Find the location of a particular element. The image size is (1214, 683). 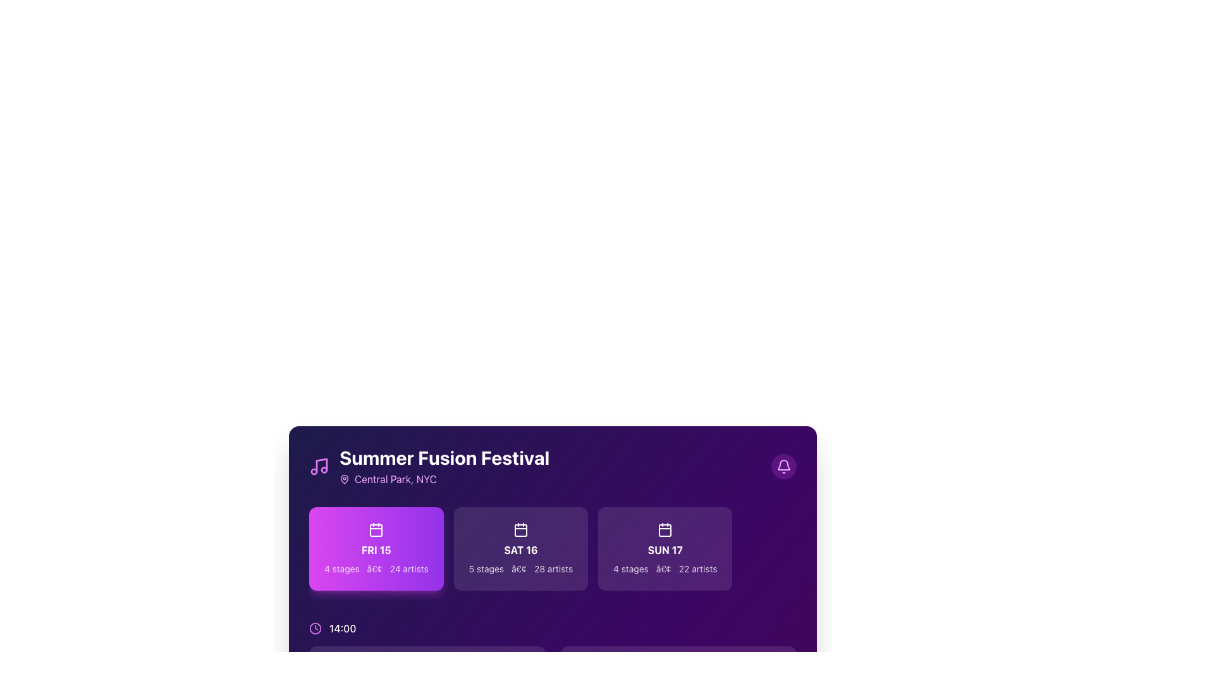

the text separator element that visually separates the '4 stages' and '24 artists' text lines in the card for the 'FRI 15' event is located at coordinates (374, 568).